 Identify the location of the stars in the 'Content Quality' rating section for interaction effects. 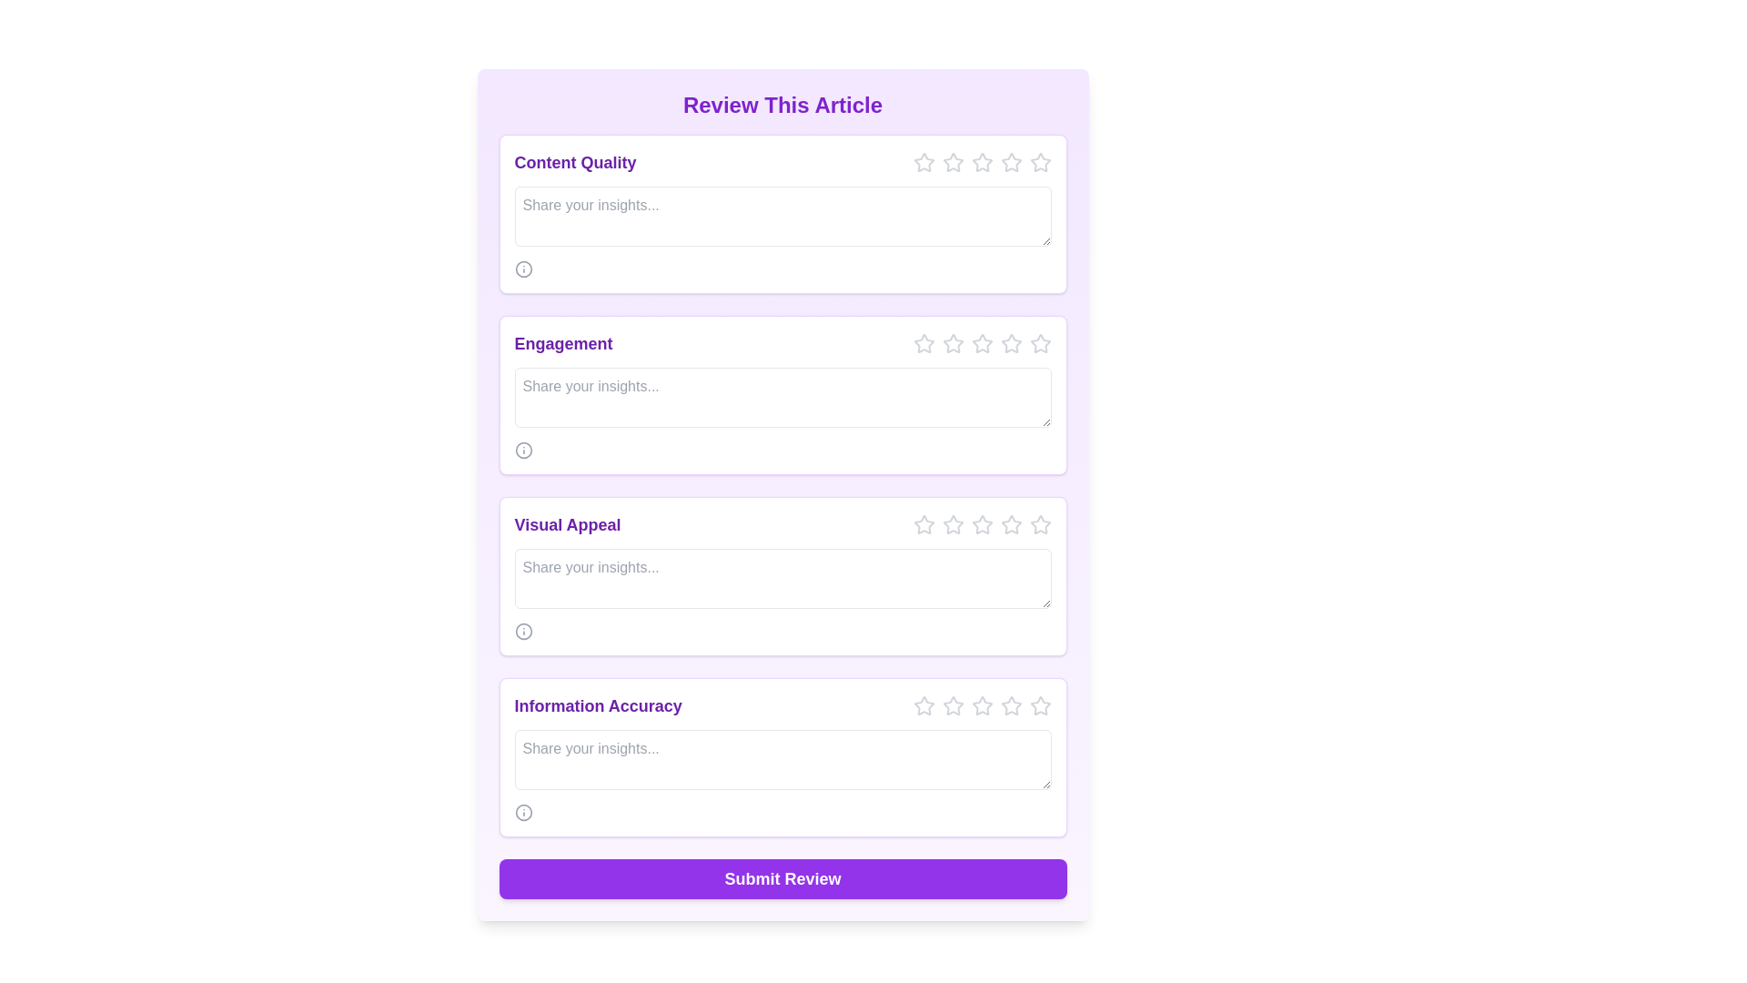
(783, 161).